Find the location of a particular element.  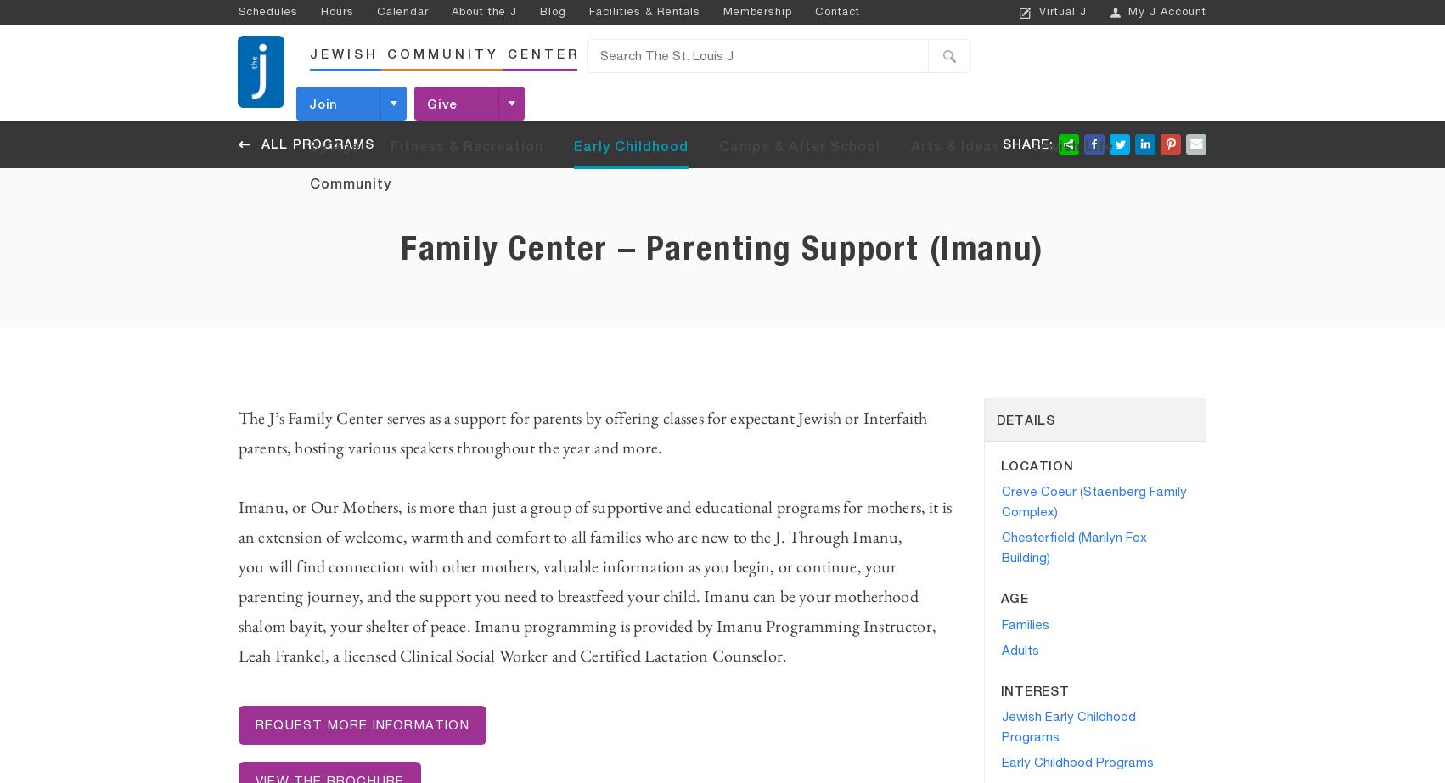

'All Programs' is located at coordinates (318, 144).